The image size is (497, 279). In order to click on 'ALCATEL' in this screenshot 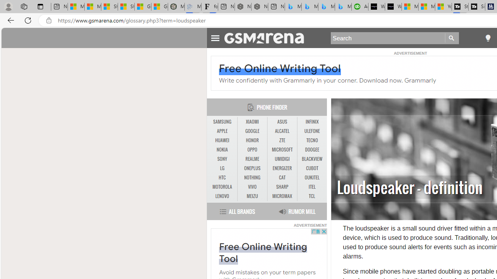, I will do `click(282, 131)`.